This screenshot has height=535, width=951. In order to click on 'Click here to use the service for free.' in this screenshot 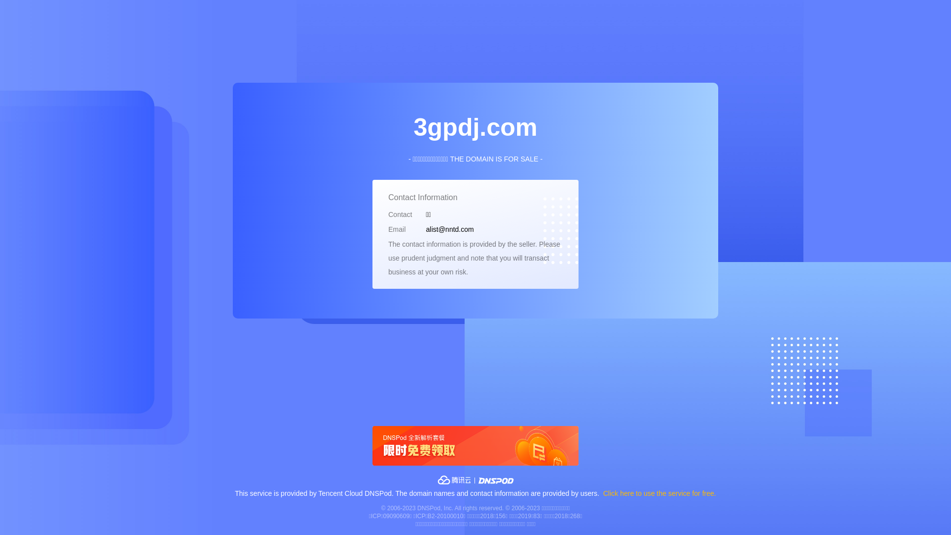, I will do `click(660, 493)`.